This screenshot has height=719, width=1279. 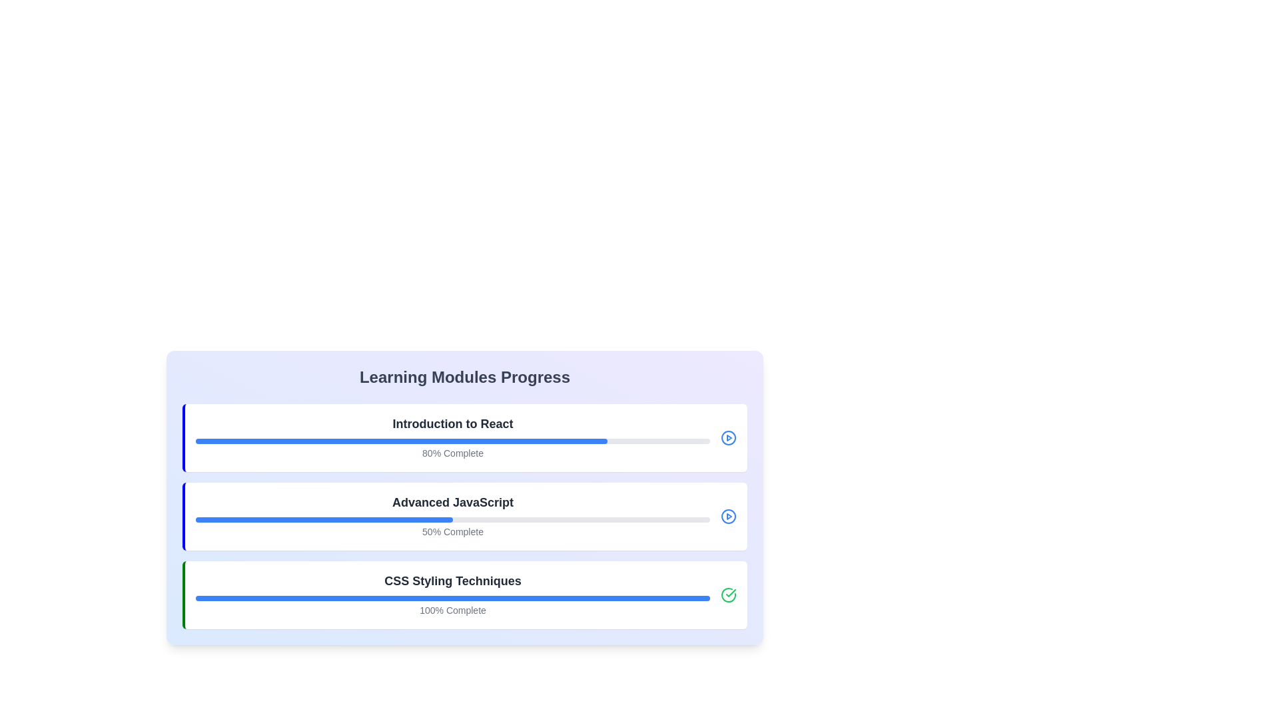 What do you see at coordinates (453, 597) in the screenshot?
I see `the horizontal progress bar indicating completion for the 'CSS Styling Techniques' module, which is styled in light gray with a solid blue fill, positioned below the title and above the '100% Complete' text` at bounding box center [453, 597].